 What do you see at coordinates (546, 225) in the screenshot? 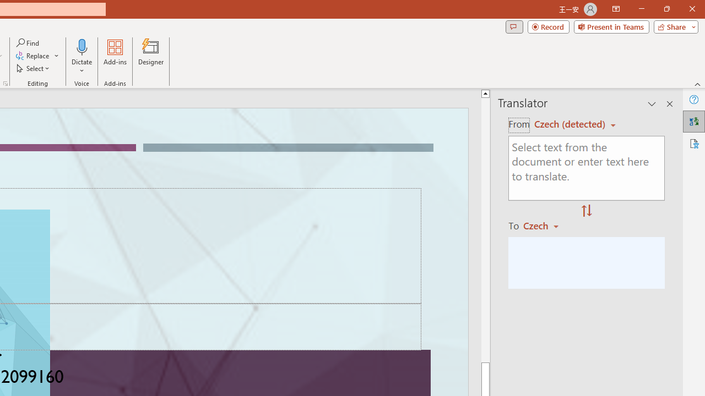
I see `'Czech'` at bounding box center [546, 225].